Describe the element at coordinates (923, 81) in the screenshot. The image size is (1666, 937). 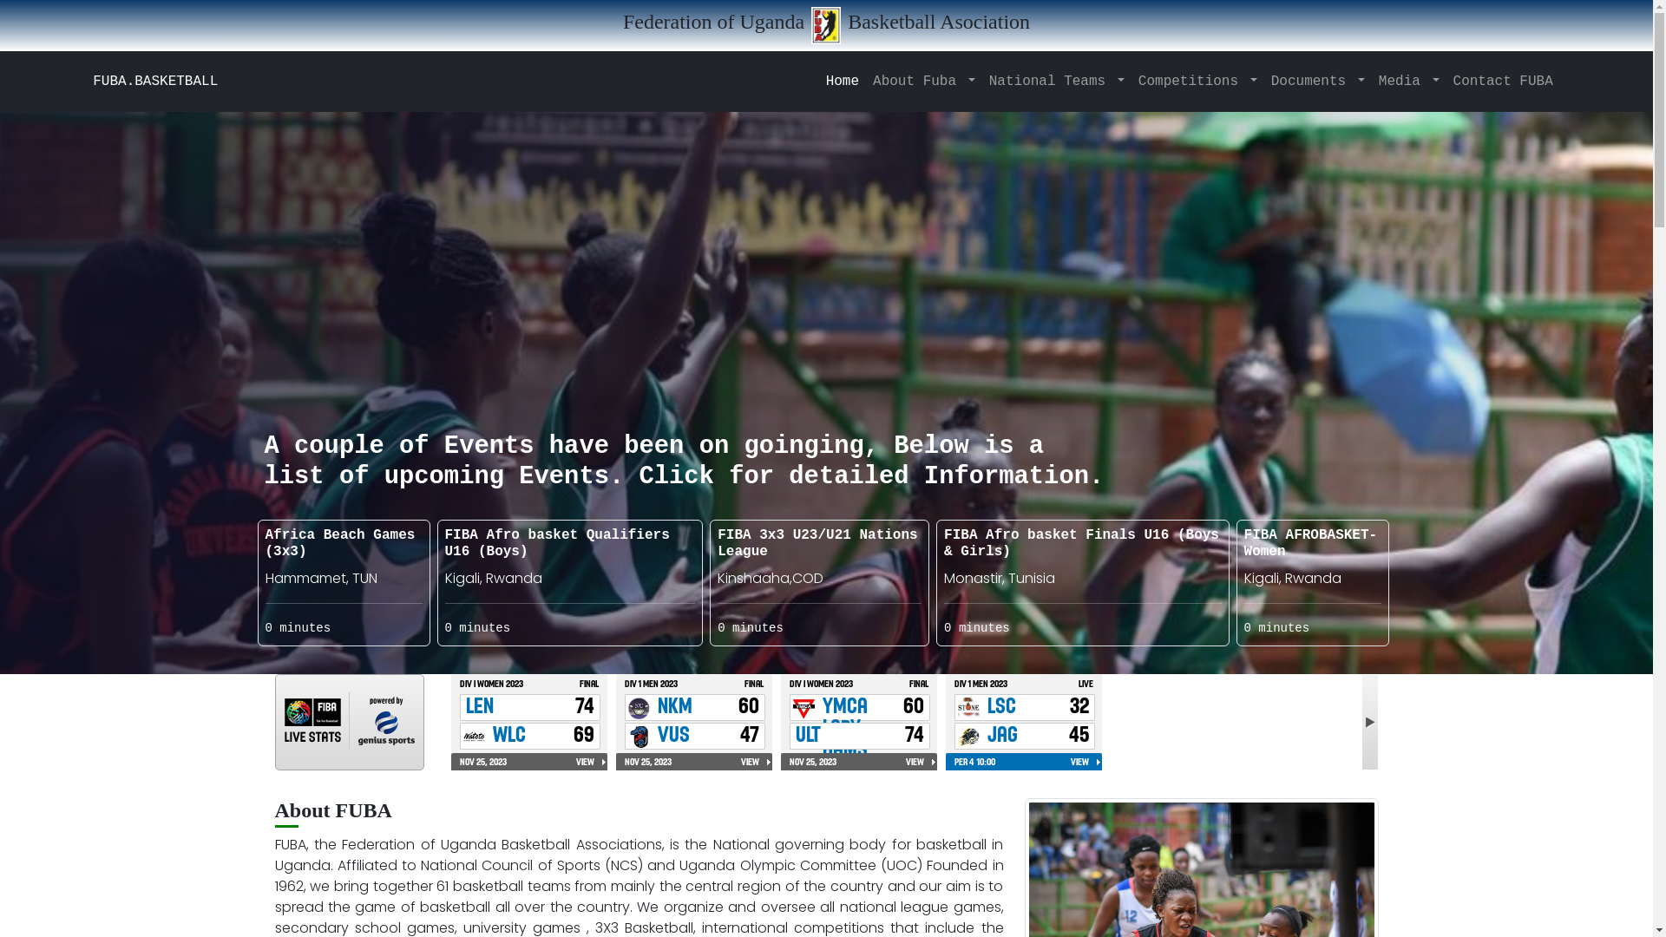
I see `'About Fuba'` at that location.